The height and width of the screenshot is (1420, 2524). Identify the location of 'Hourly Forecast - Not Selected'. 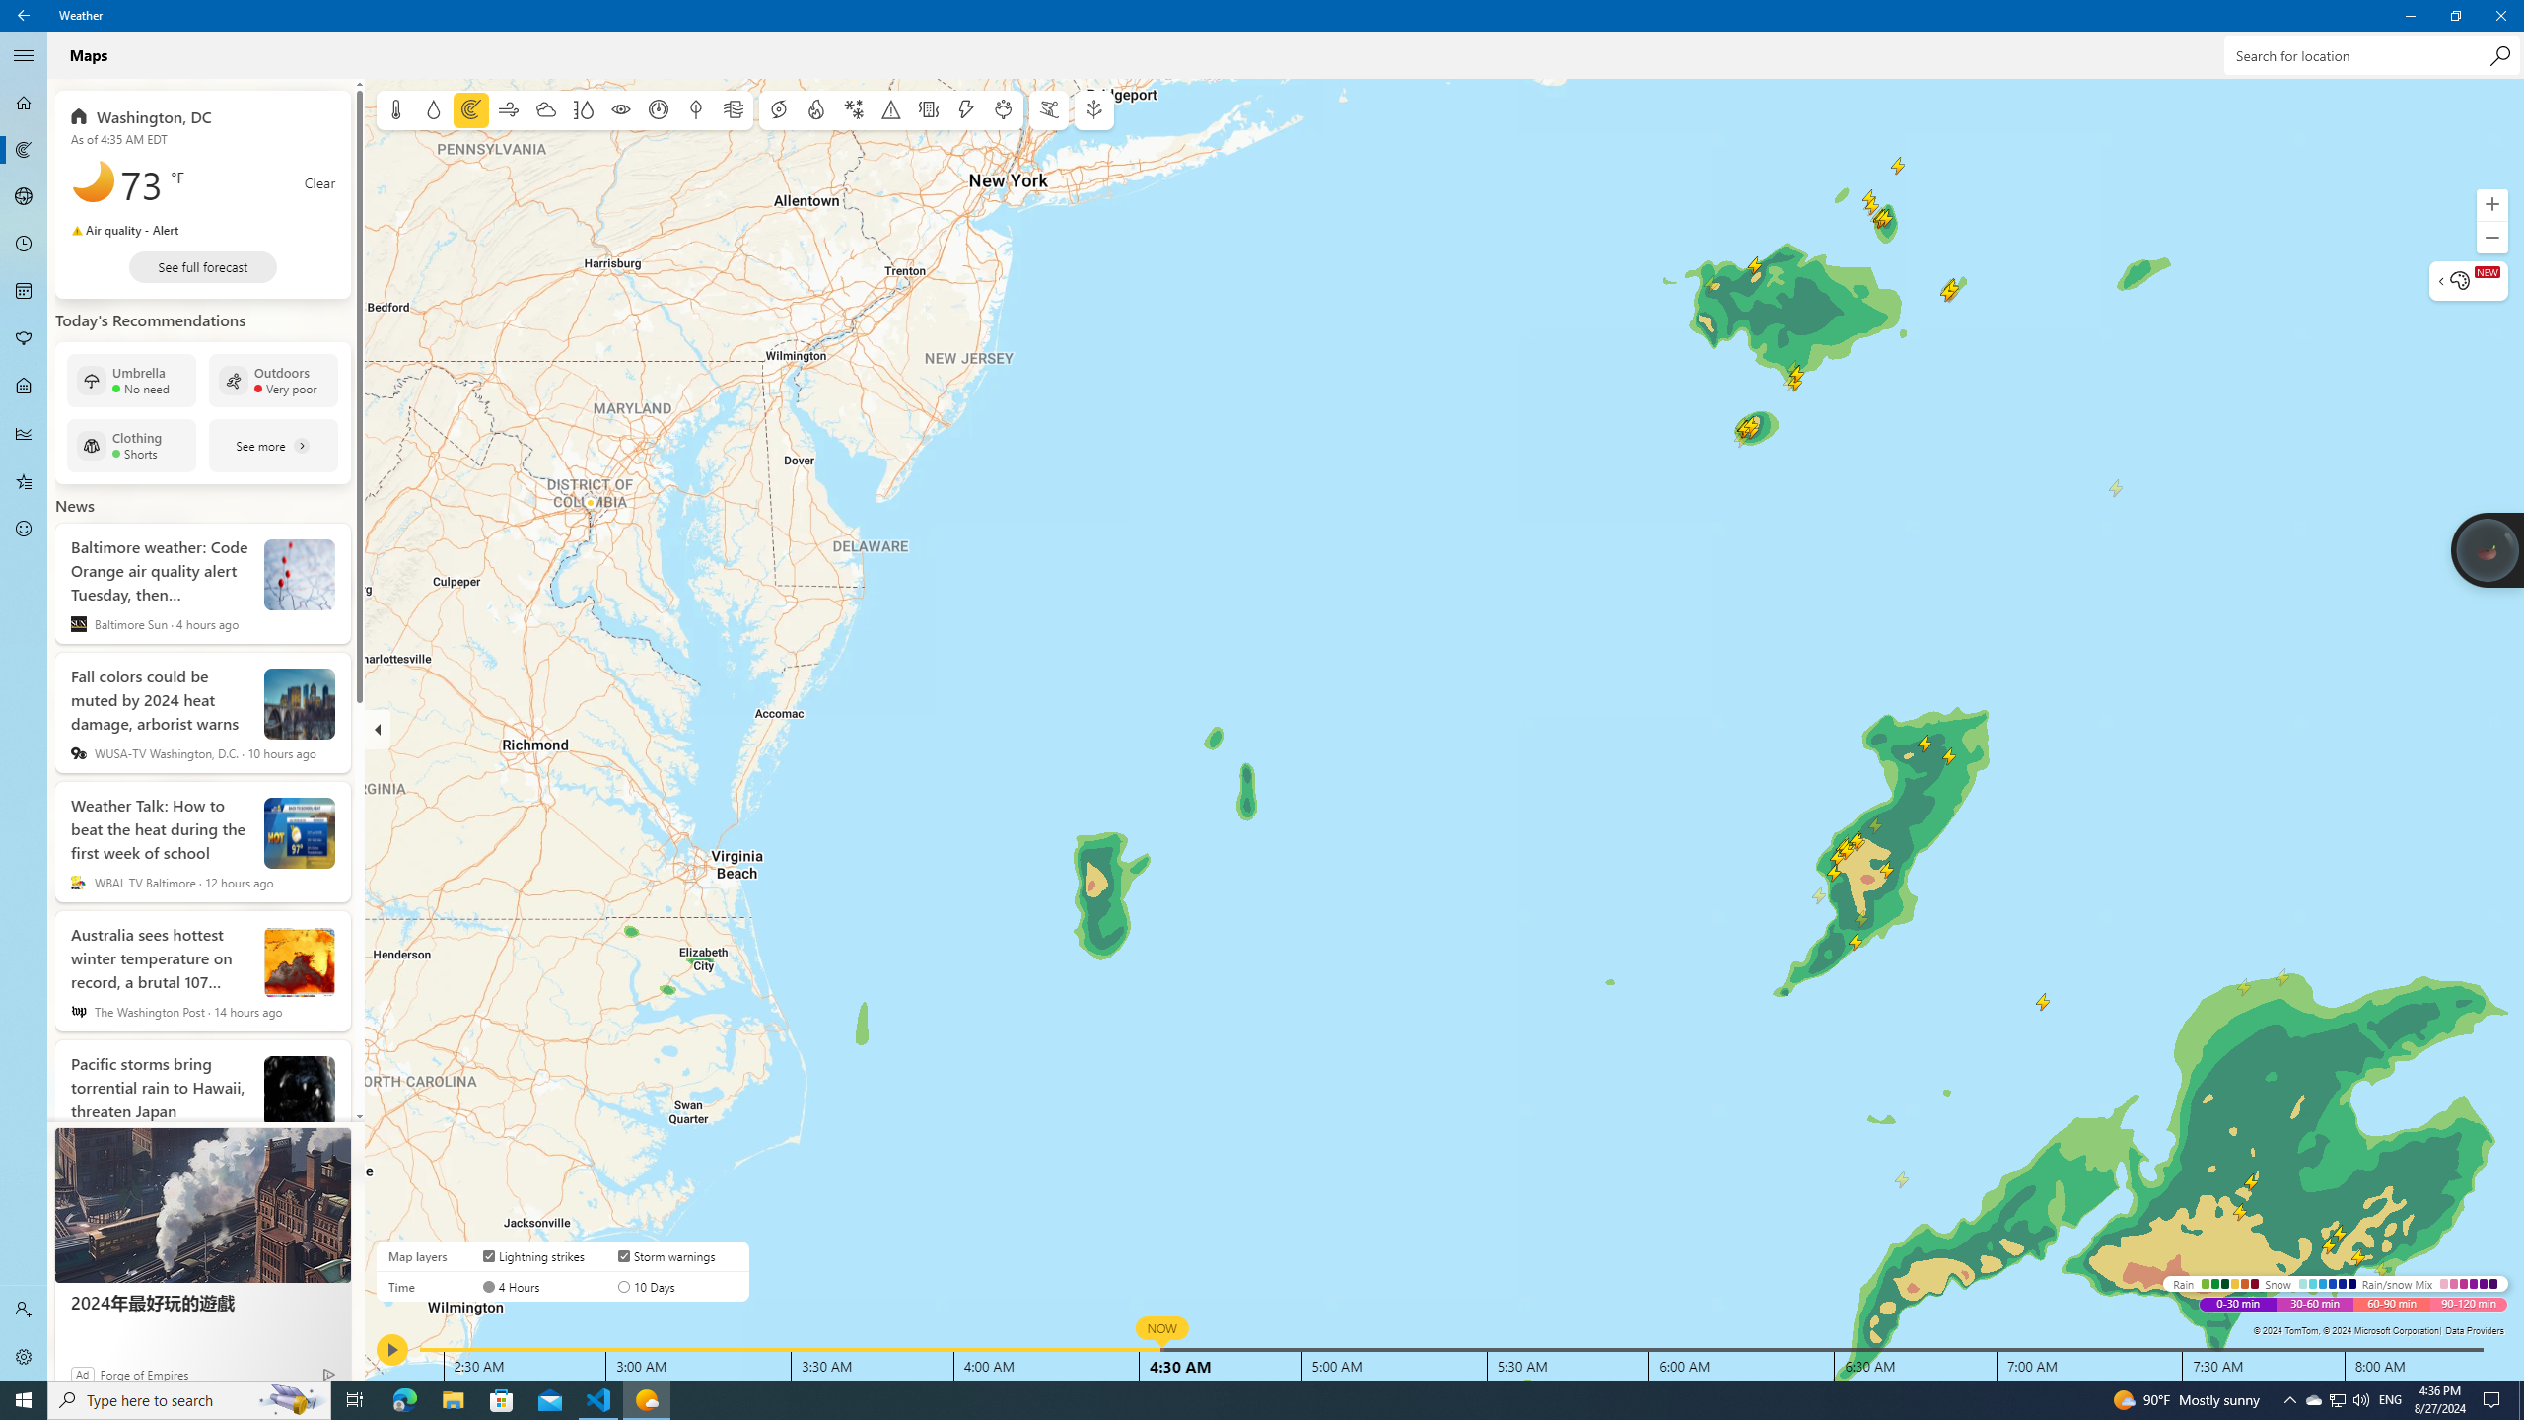
(24, 245).